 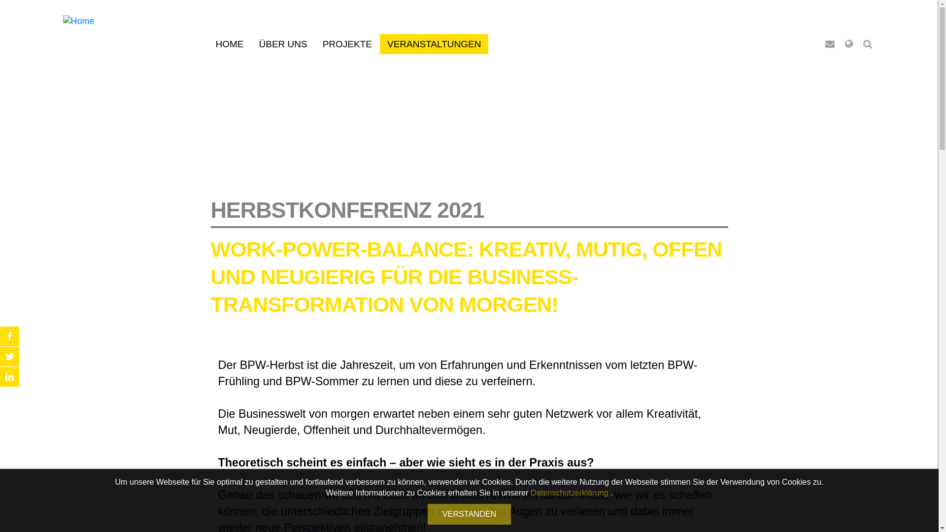 What do you see at coordinates (469, 513) in the screenshot?
I see `'VERSTANDEN'` at bounding box center [469, 513].